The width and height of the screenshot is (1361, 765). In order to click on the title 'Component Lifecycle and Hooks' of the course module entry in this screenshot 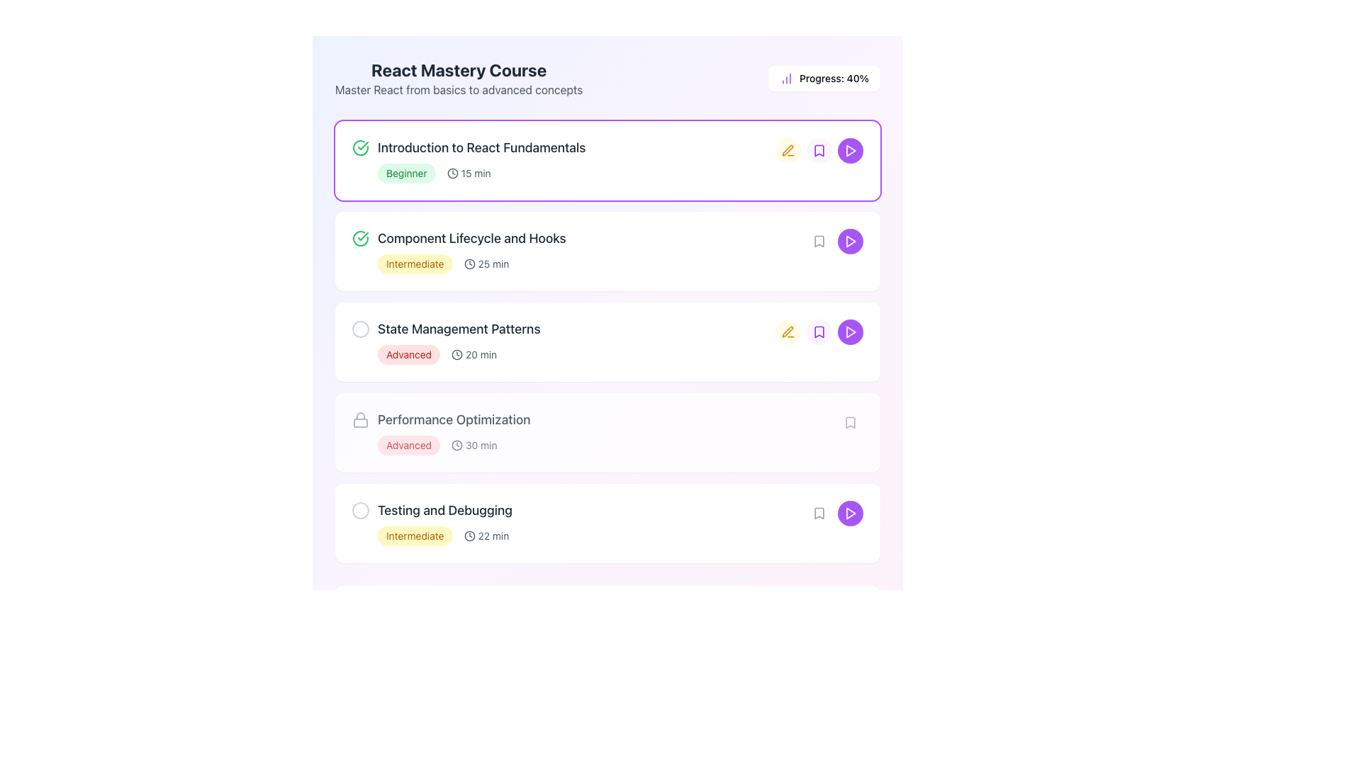, I will do `click(579, 250)`.